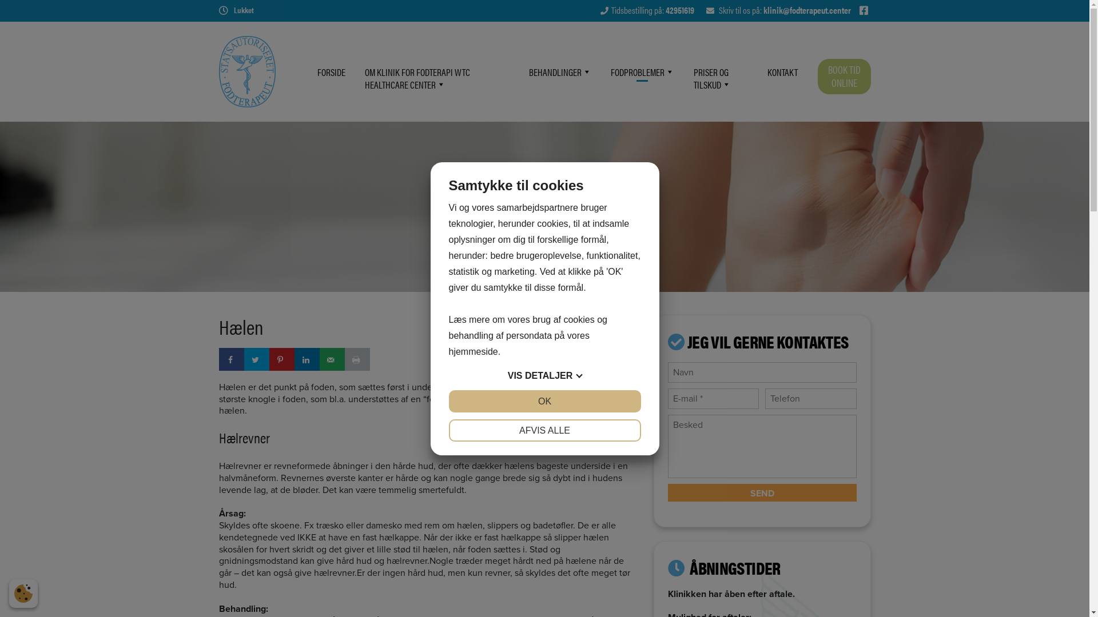 Image resolution: width=1098 pixels, height=617 pixels. What do you see at coordinates (560, 72) in the screenshot?
I see `'BEHANDLINGER'` at bounding box center [560, 72].